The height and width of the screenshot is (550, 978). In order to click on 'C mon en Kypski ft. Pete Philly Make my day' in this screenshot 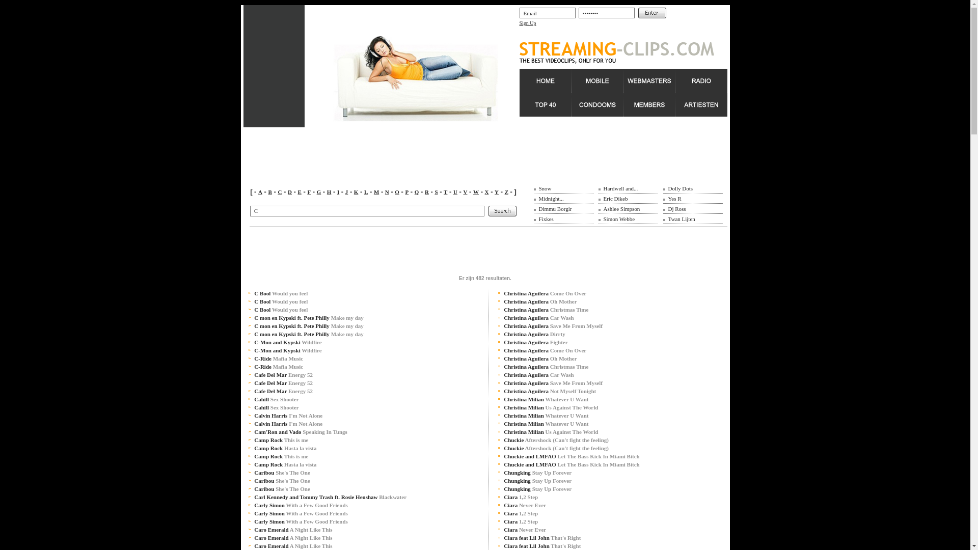, I will do `click(254, 326)`.